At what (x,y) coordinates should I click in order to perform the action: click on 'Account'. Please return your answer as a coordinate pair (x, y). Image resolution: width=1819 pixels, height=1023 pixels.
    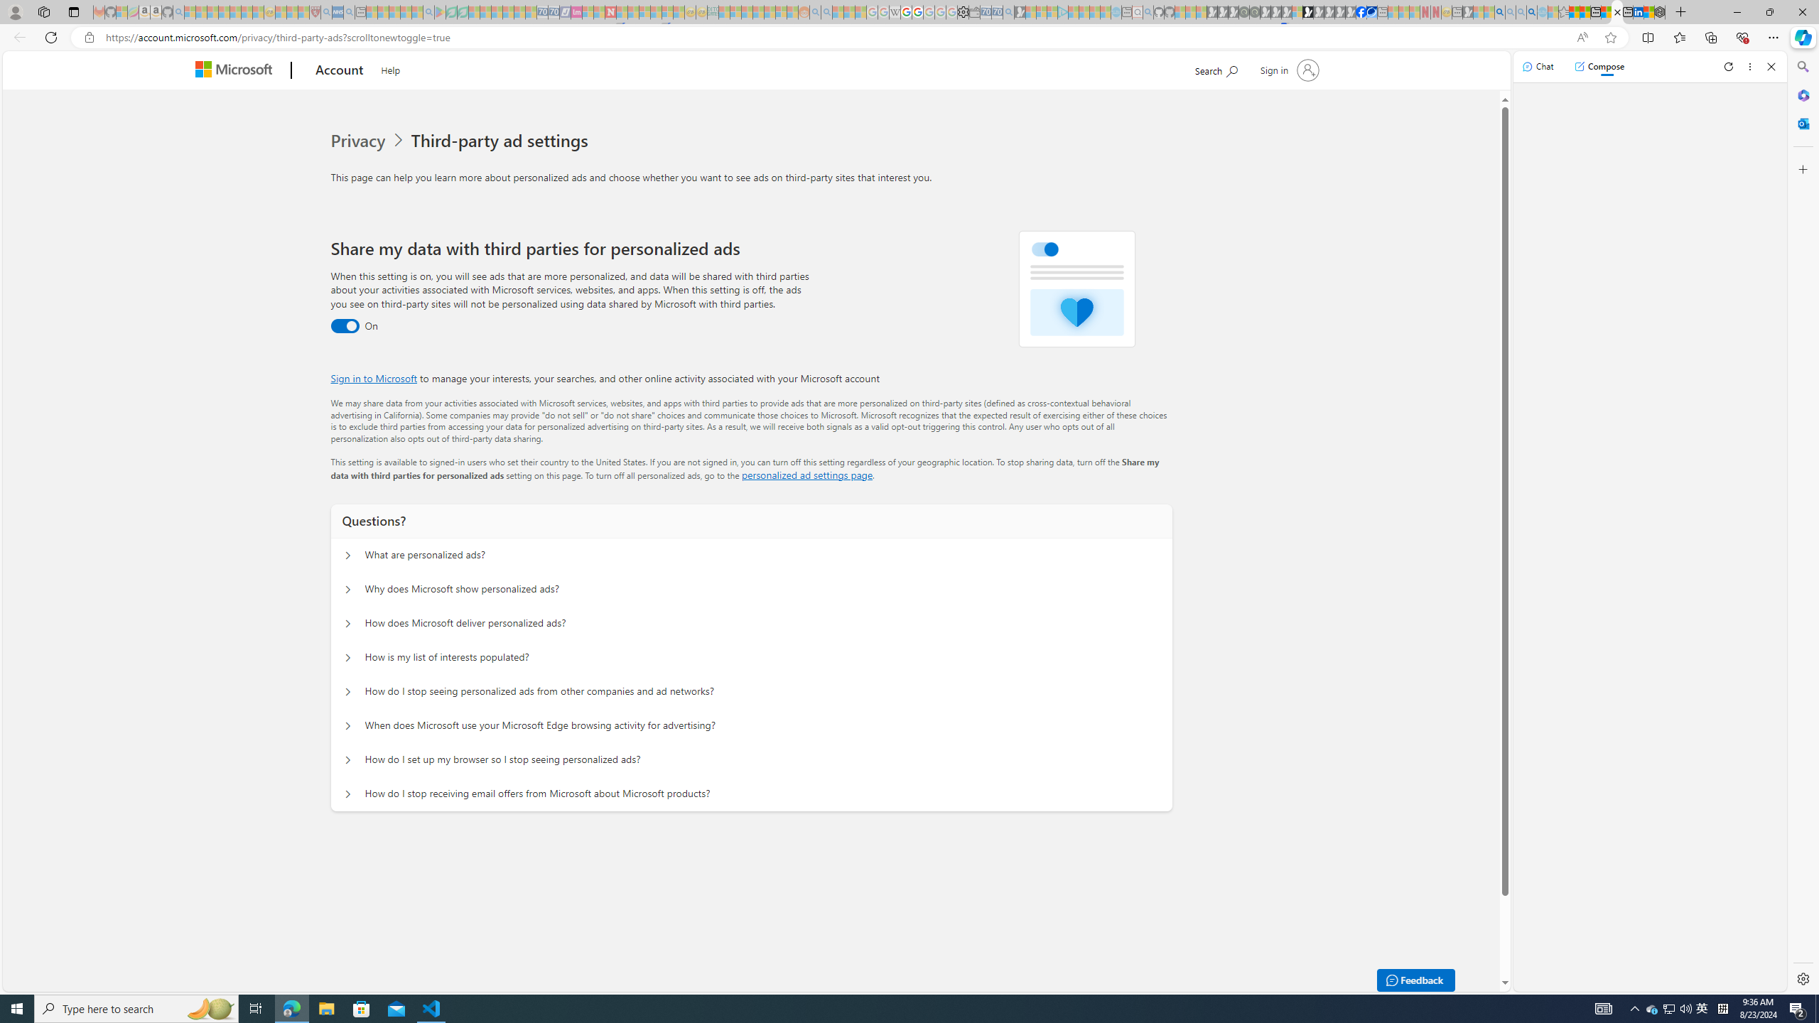
    Looking at the image, I should click on (339, 70).